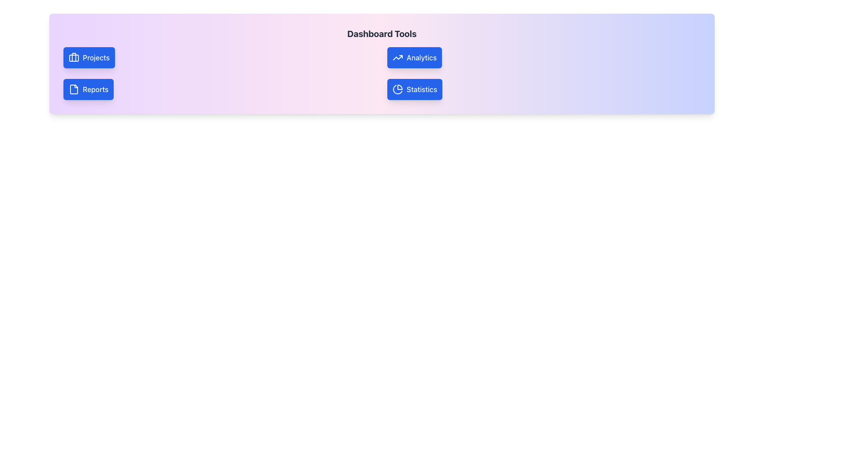  Describe the element at coordinates (89, 89) in the screenshot. I see `the report button located below the 'Projects' button in the left column of the interface` at that location.